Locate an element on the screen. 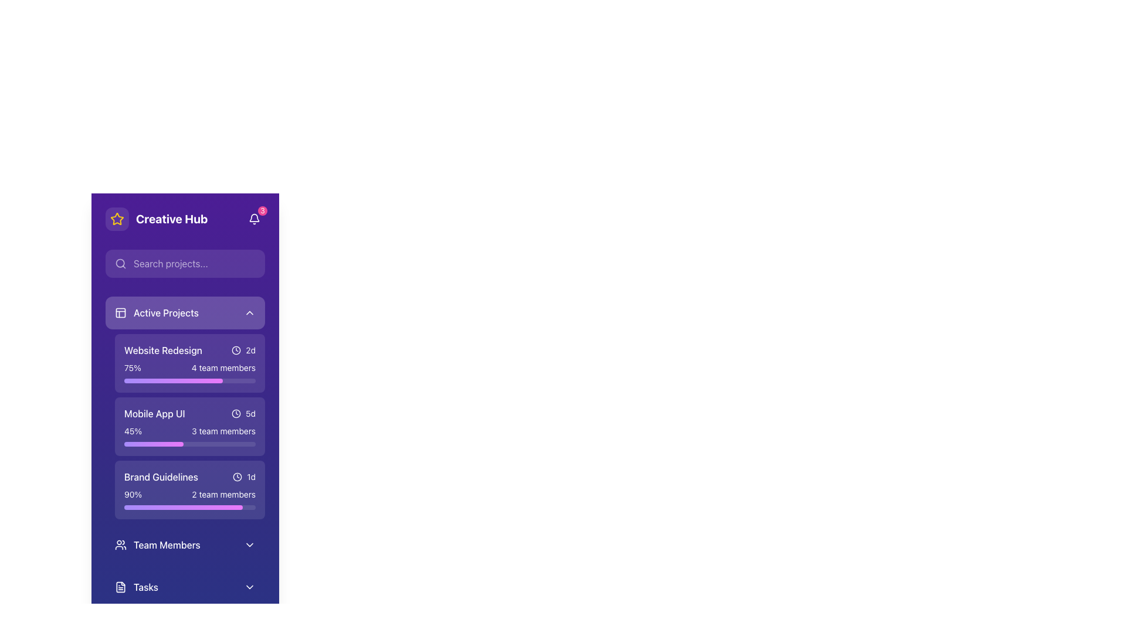 This screenshot has width=1126, height=633. the second Interactive project card in the 'Active Projects' section is located at coordinates (190, 427).